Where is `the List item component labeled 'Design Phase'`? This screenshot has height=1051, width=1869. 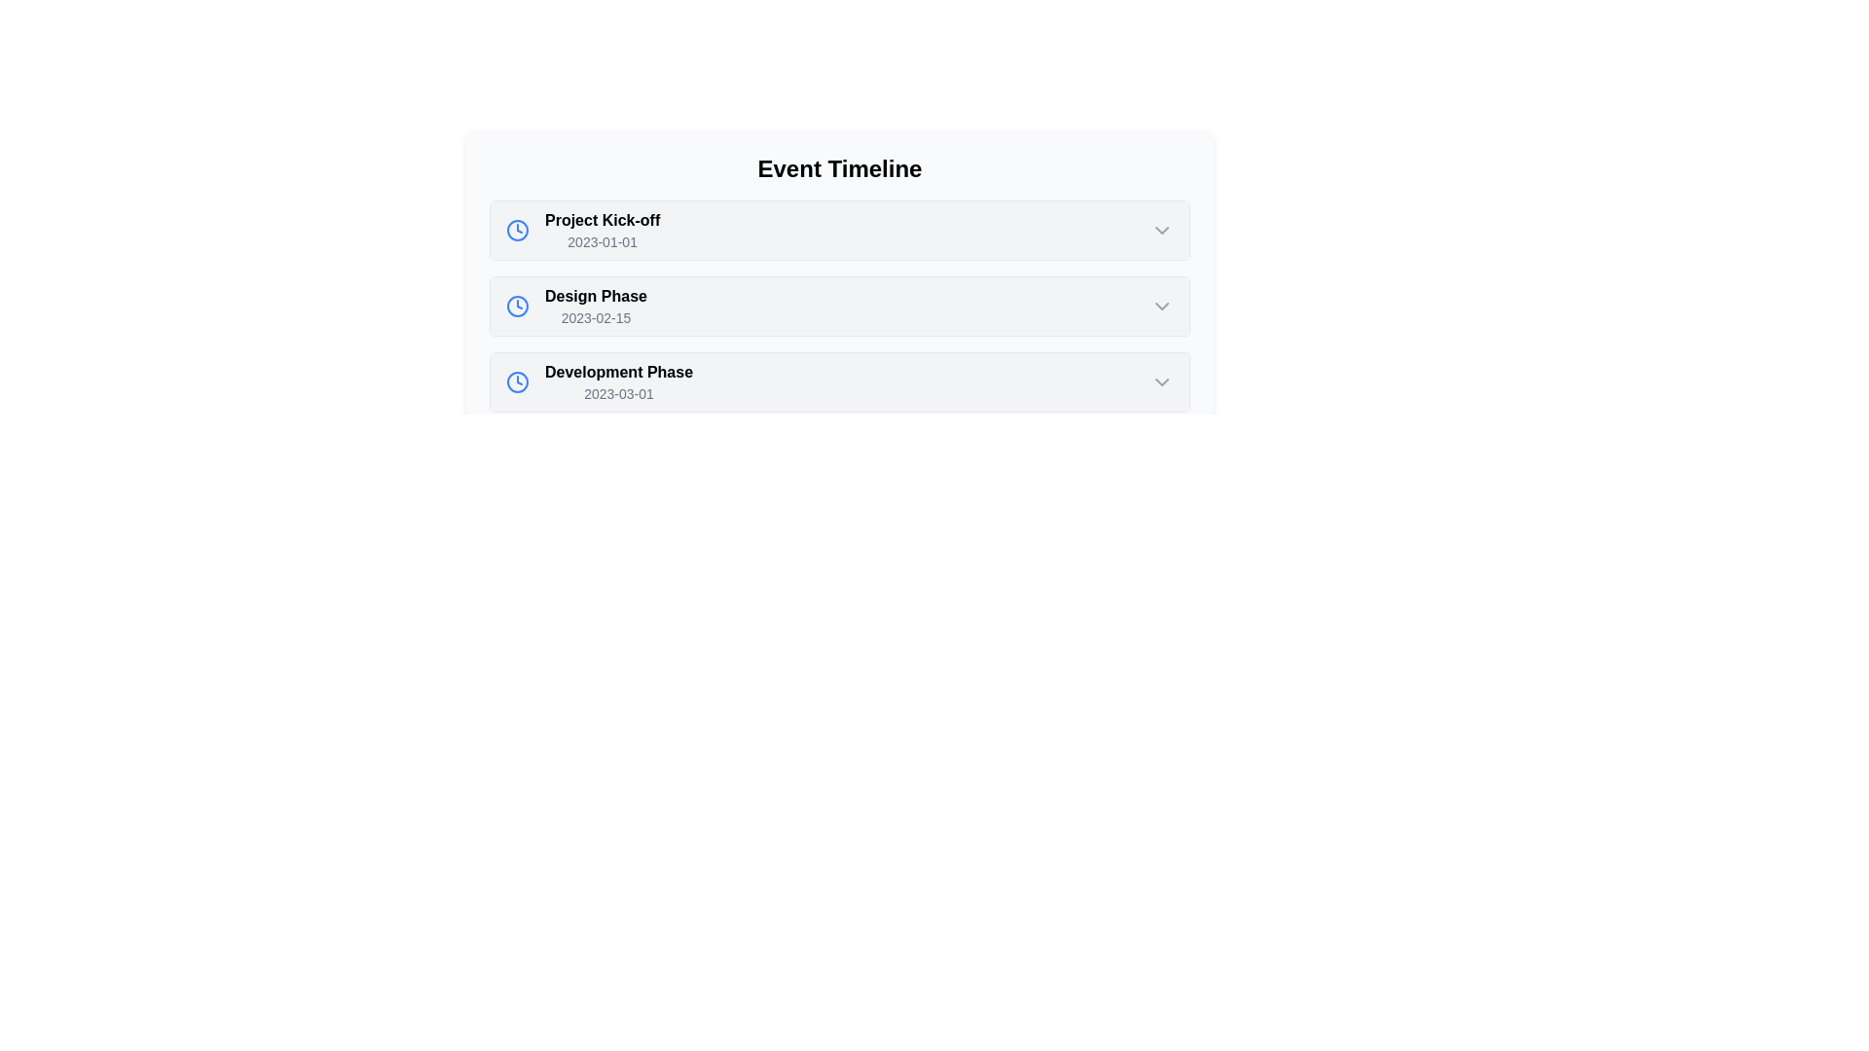
the List item component labeled 'Design Phase' is located at coordinates (840, 307).